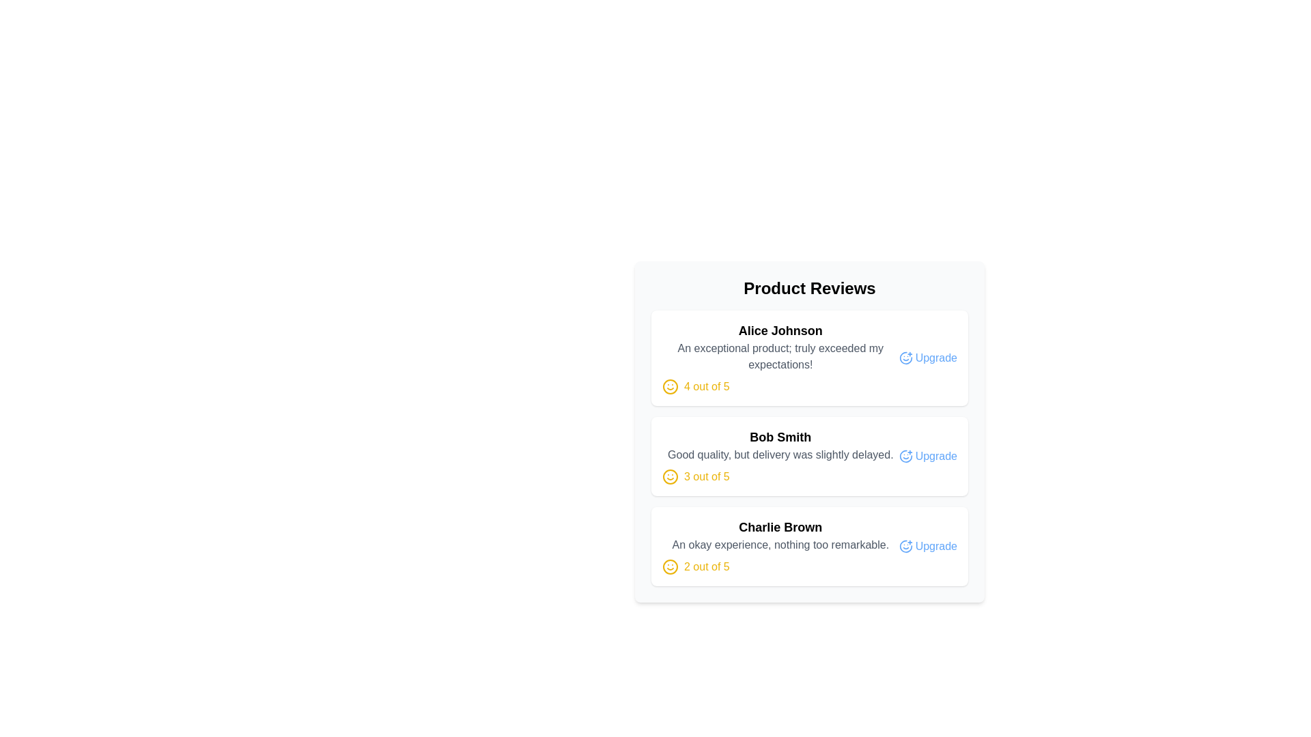 This screenshot has width=1311, height=737. Describe the element at coordinates (928, 357) in the screenshot. I see `'Upgrade' button for the review by Alice Johnson` at that location.